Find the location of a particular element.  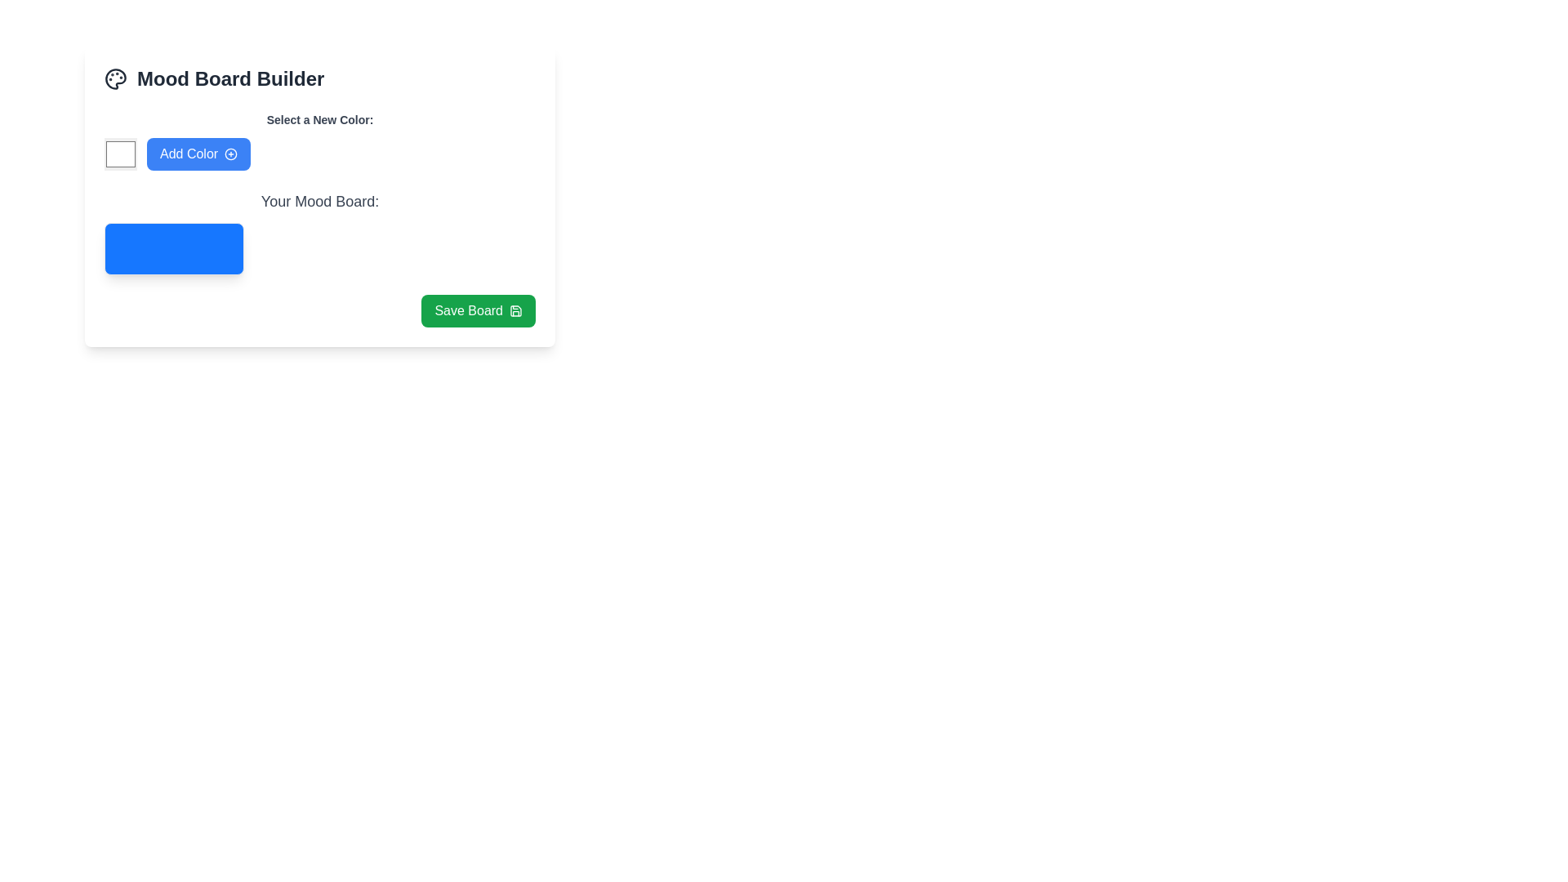

the circular icon element with a plus sign, located immediately to the right of the blue 'Add Color' button is located at coordinates (230, 154).